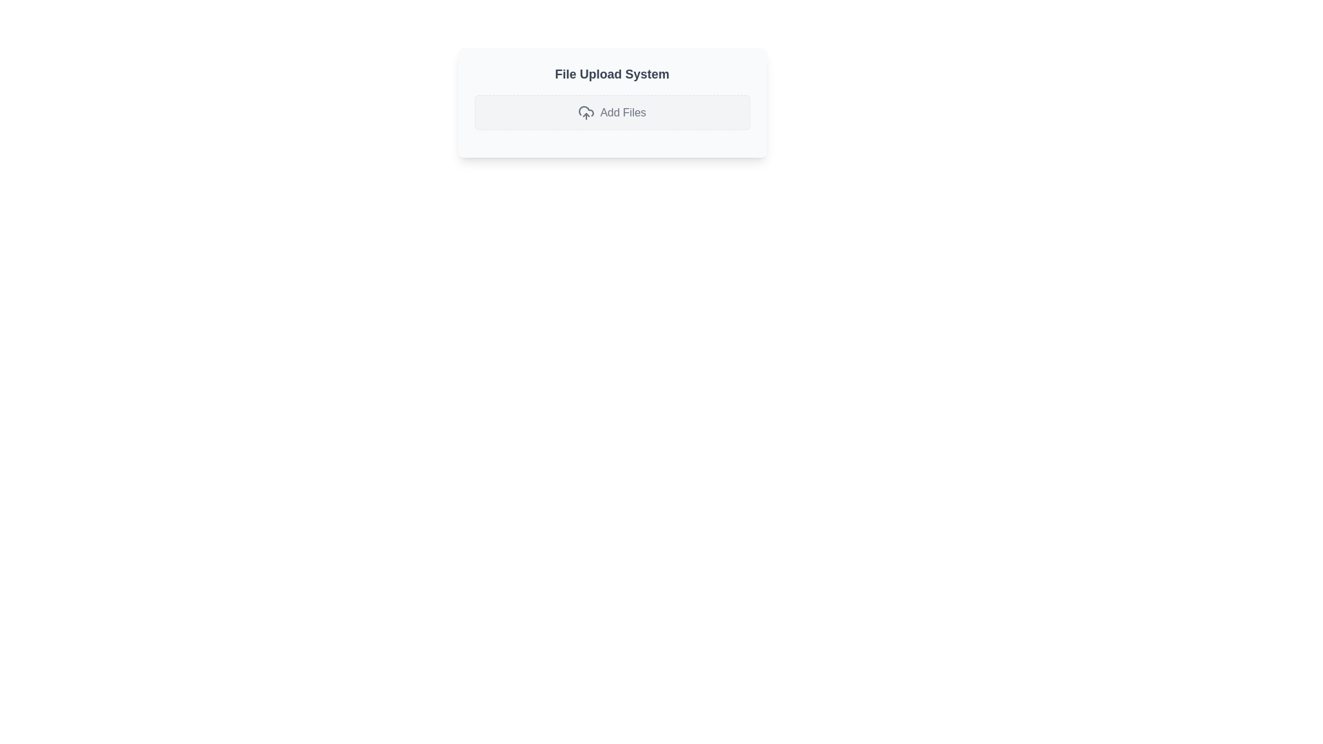 This screenshot has width=1323, height=744. I want to click on the label indicating the action of uploading or adding files, which is located to the right of the cloud upload icon within a bordered button-like area, so click(622, 112).